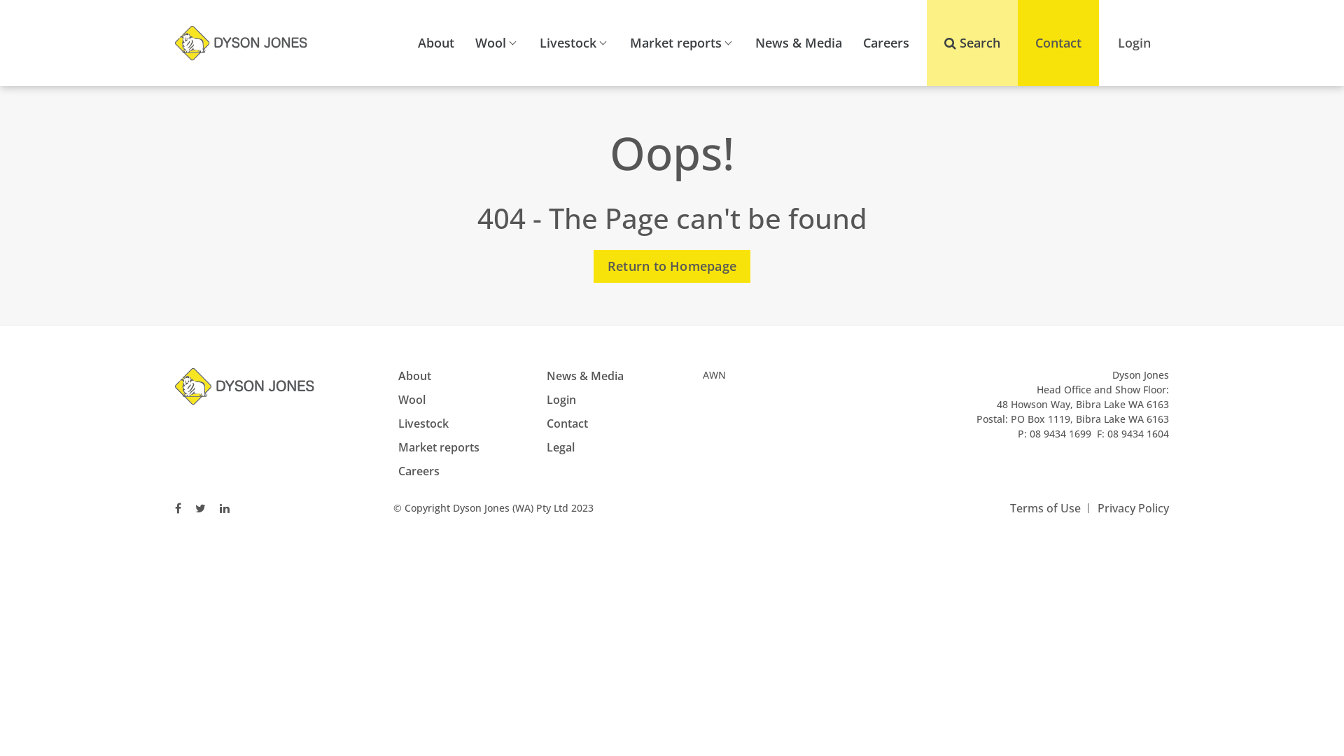  Describe the element at coordinates (497, 42) in the screenshot. I see `'Wool'` at that location.